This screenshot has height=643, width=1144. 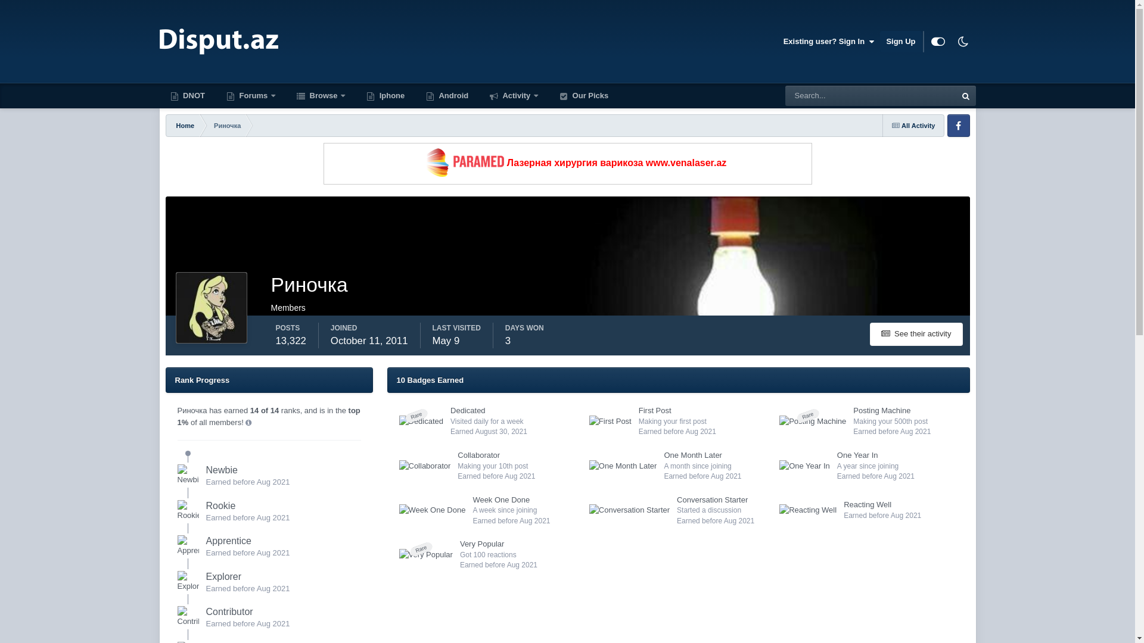 I want to click on 'Customizer', so click(x=937, y=40).